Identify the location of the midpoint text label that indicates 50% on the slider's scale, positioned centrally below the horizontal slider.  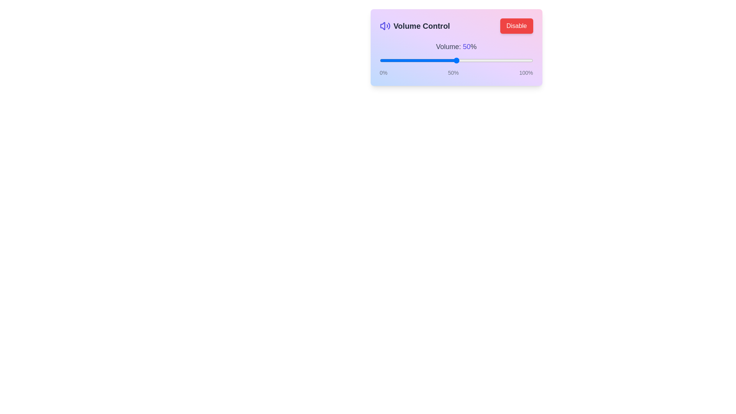
(453, 72).